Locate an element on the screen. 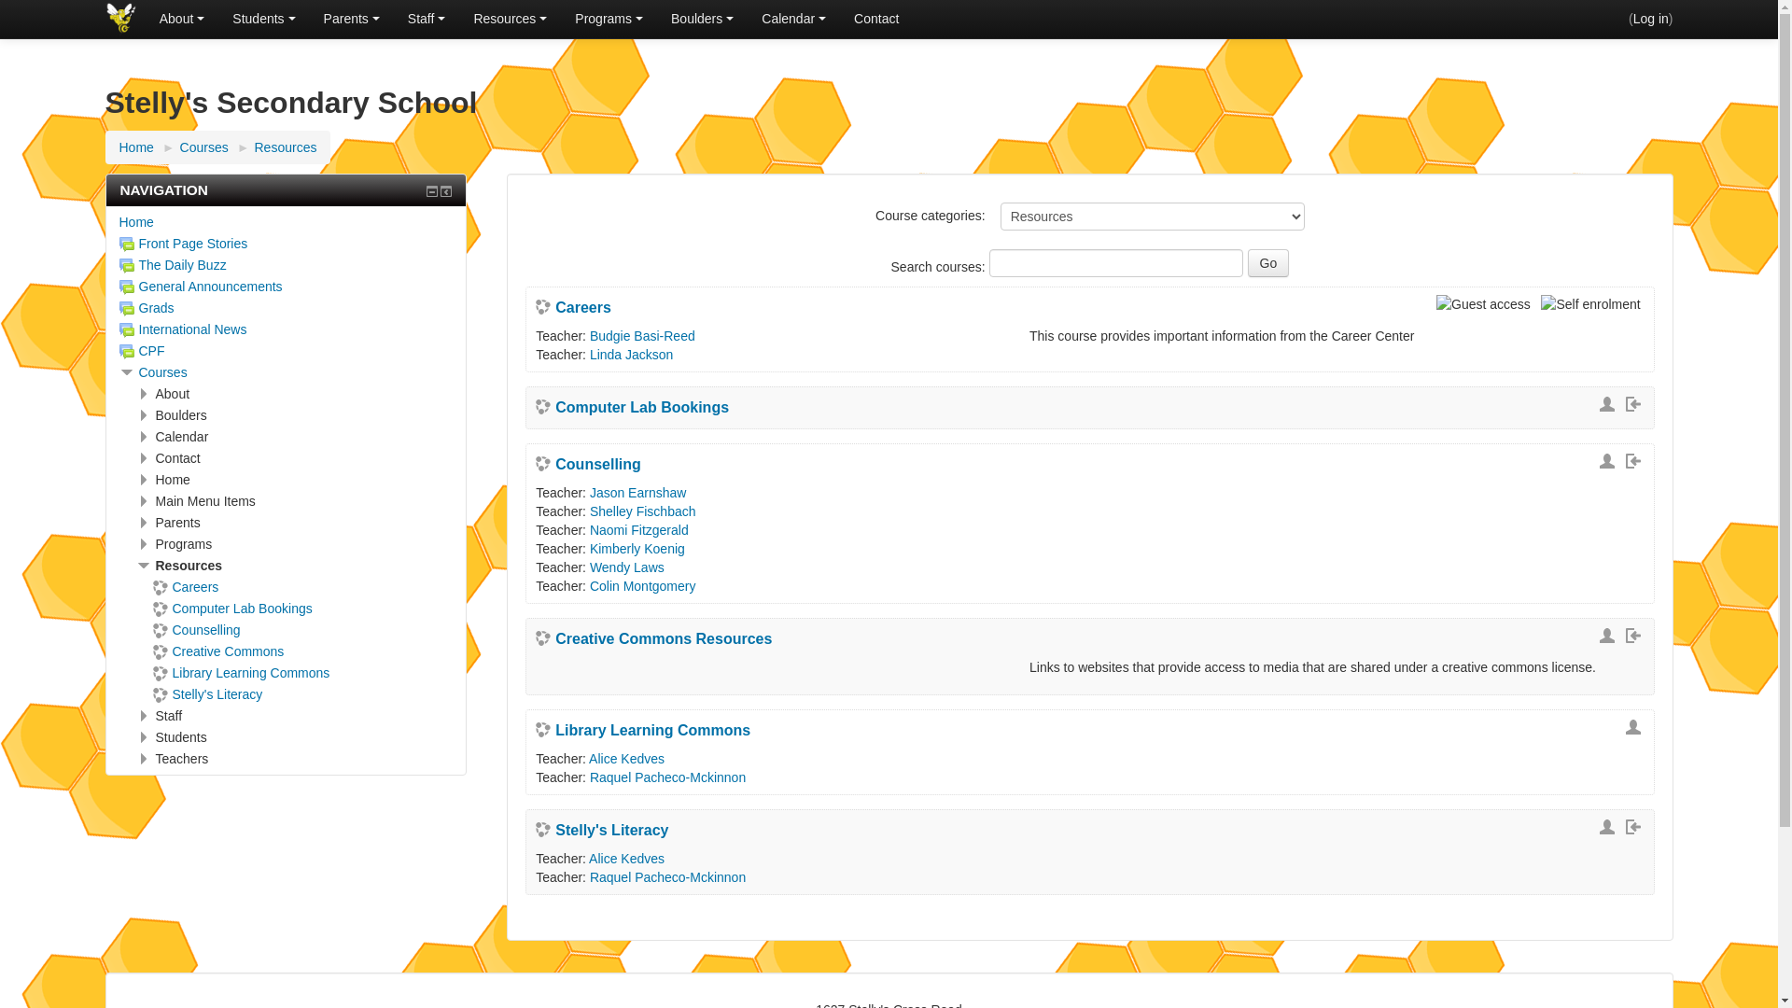  'Wendy Laws' is located at coordinates (627, 567).